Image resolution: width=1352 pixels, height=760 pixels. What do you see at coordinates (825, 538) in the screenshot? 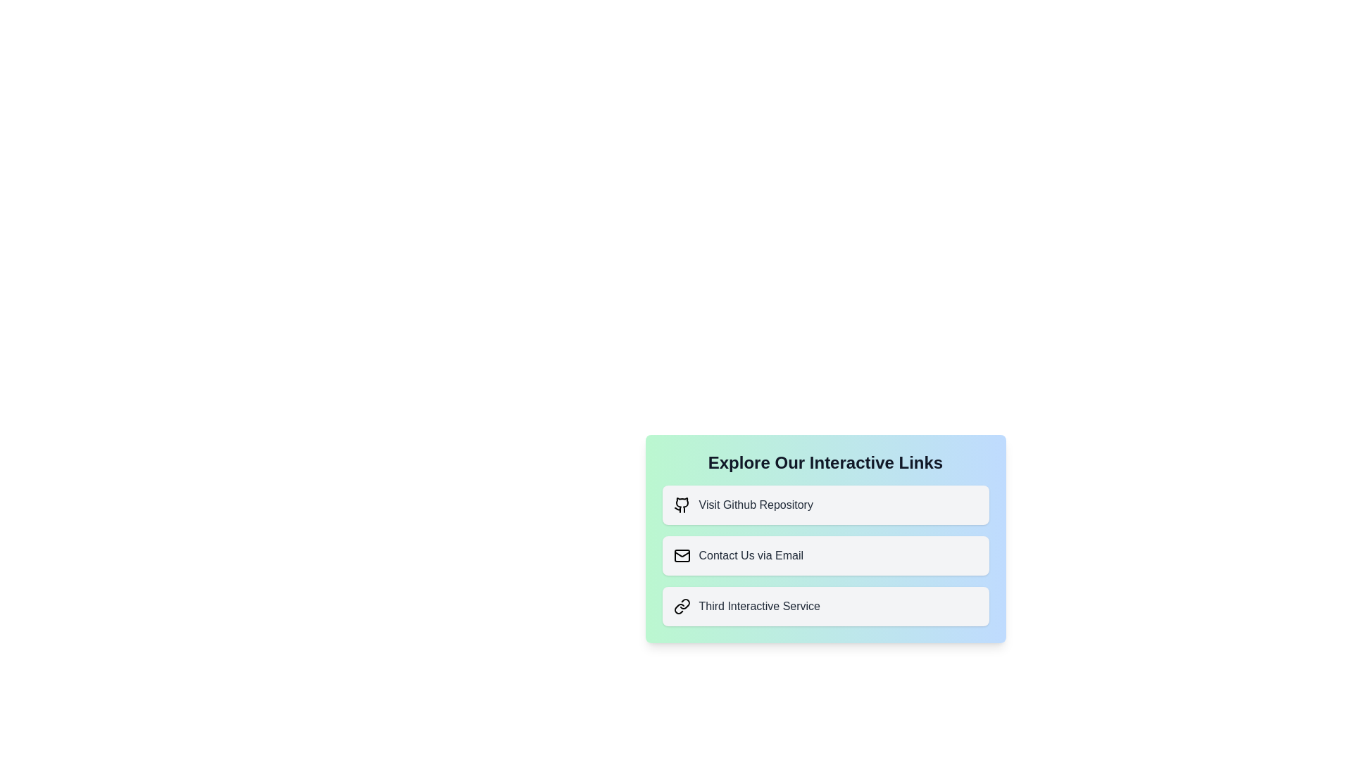
I see `the 'Contact Us via Email' button-like link using keyboard navigation` at bounding box center [825, 538].